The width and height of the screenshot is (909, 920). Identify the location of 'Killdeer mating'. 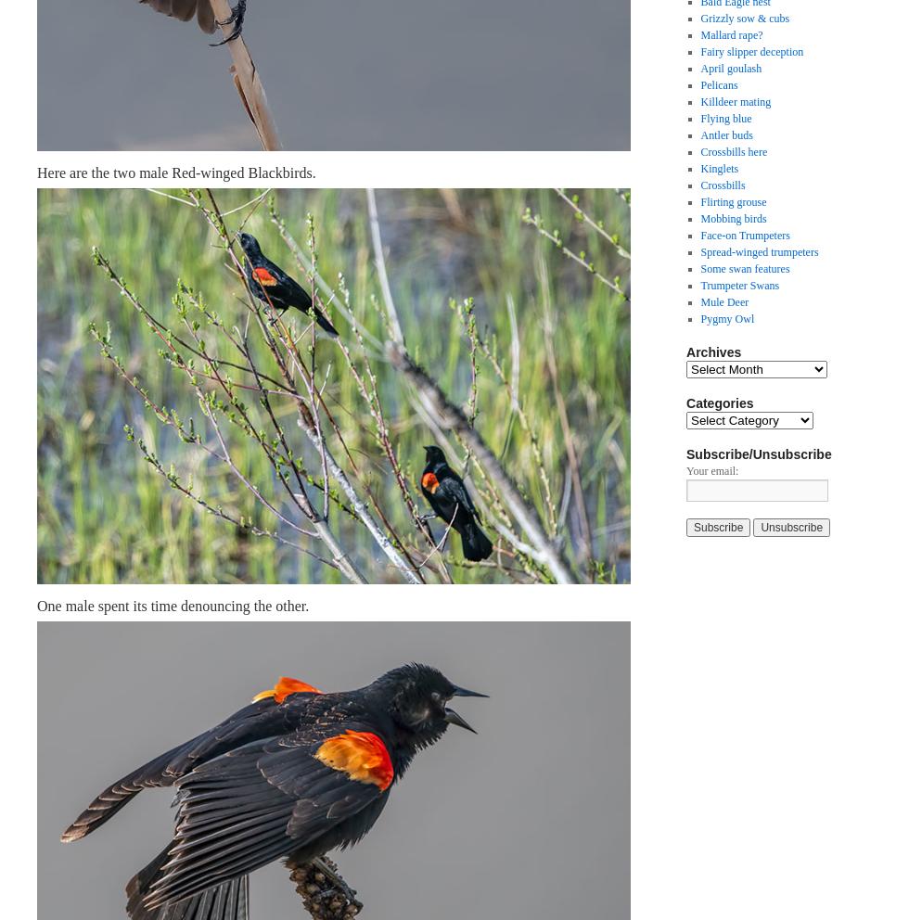
(736, 101).